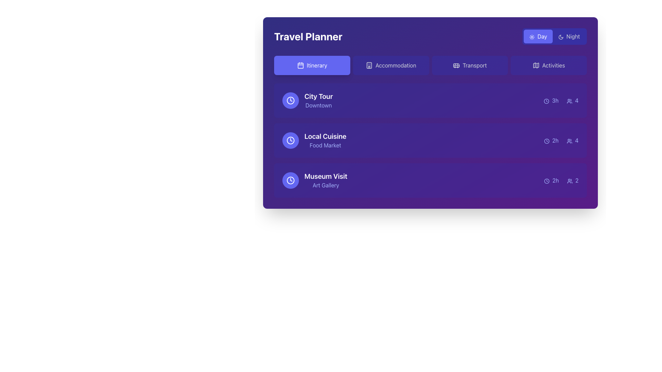 The height and width of the screenshot is (372, 662). I want to click on the Toggle Button Group located near the top-right corner of the interface, directly to the right of the title 'Travel Planner', so click(554, 36).